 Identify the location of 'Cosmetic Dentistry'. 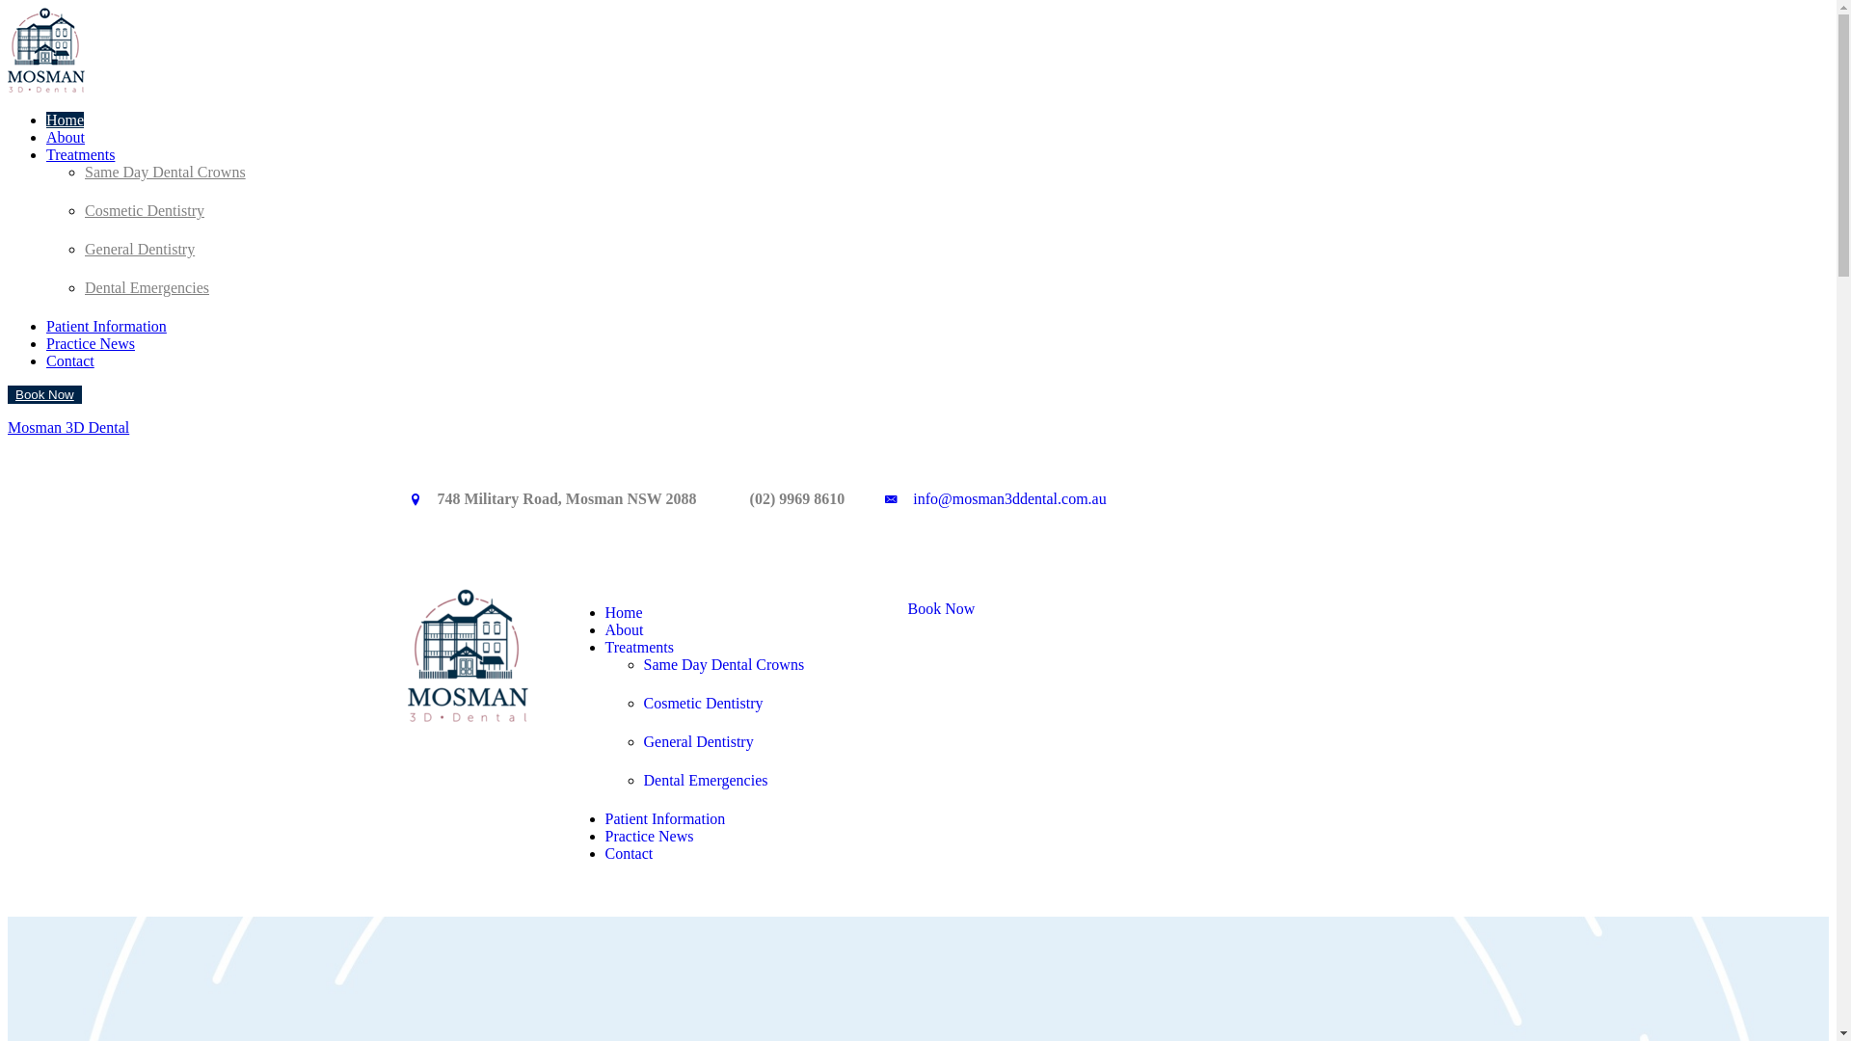
(143, 210).